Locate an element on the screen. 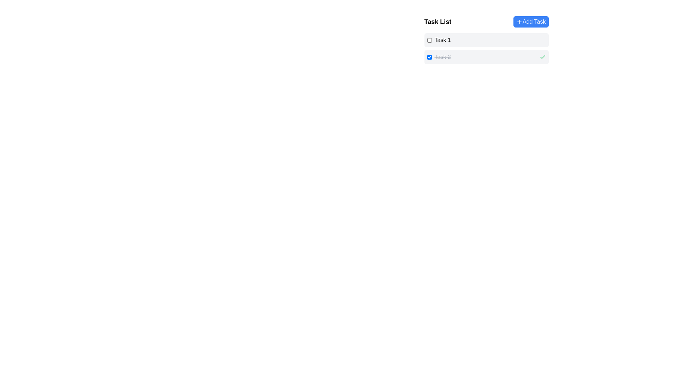 The width and height of the screenshot is (678, 381). the completed task label that displays the name of the task, which has a strikethrough styling indicating it has been marked as completed is located at coordinates (439, 57).